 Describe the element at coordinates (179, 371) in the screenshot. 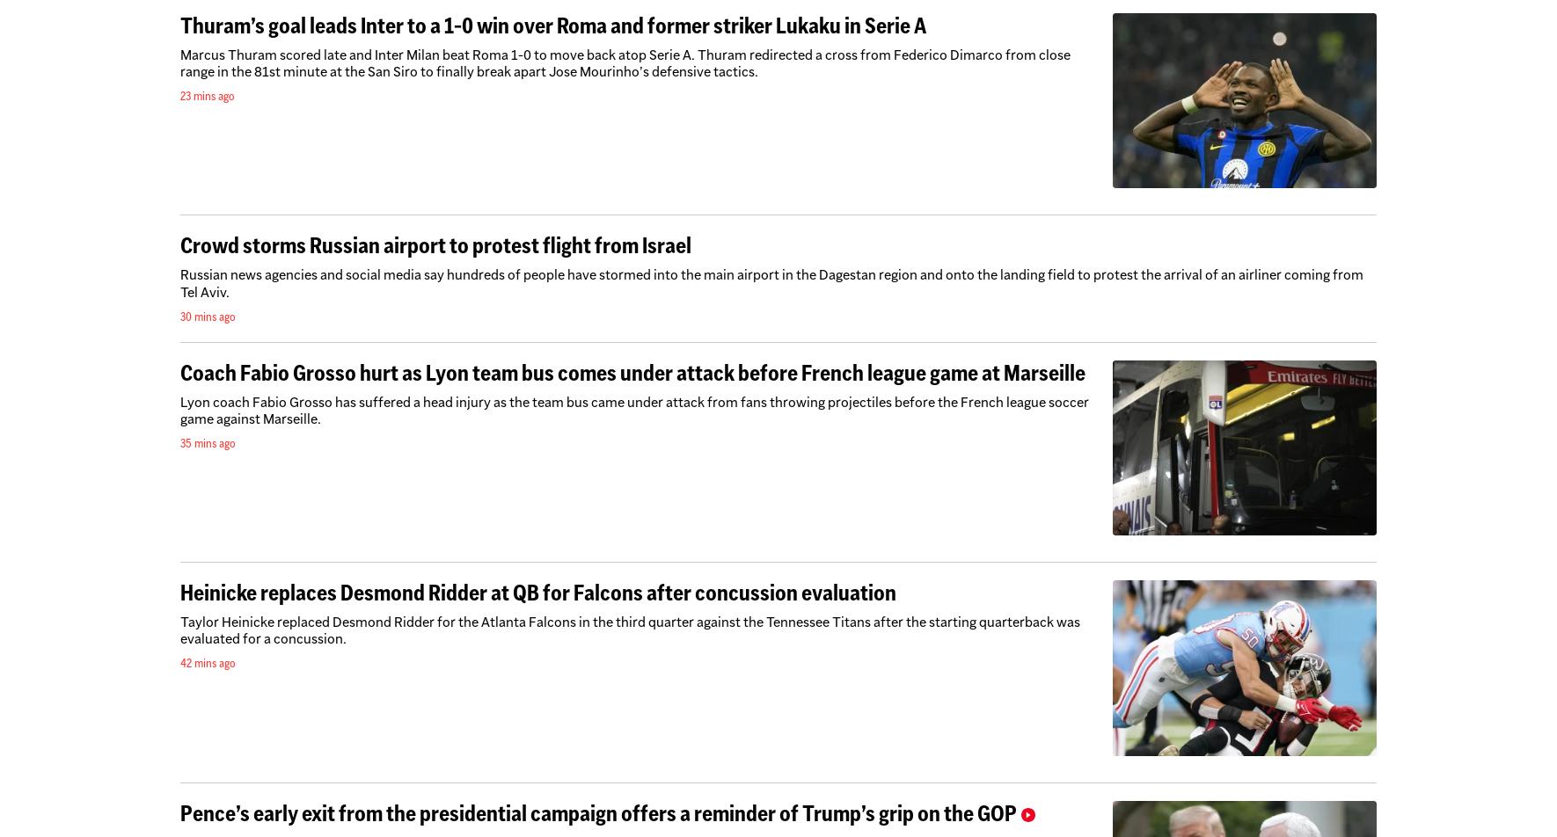

I see `'Coach Fabio Grosso hurt as Lyon team bus comes under attack before French league game at Marseille'` at that location.